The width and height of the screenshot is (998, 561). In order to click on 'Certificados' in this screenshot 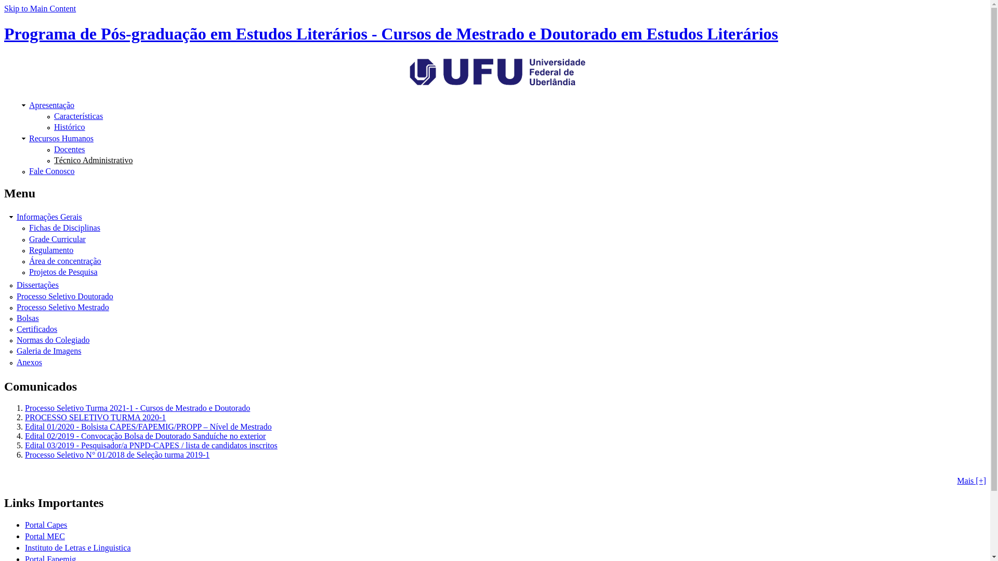, I will do `click(37, 329)`.